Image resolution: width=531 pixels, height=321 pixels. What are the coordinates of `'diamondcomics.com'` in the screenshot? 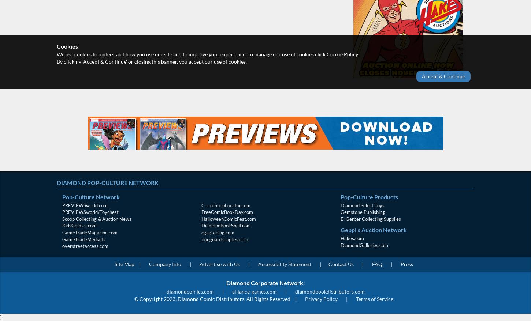 It's located at (166, 291).